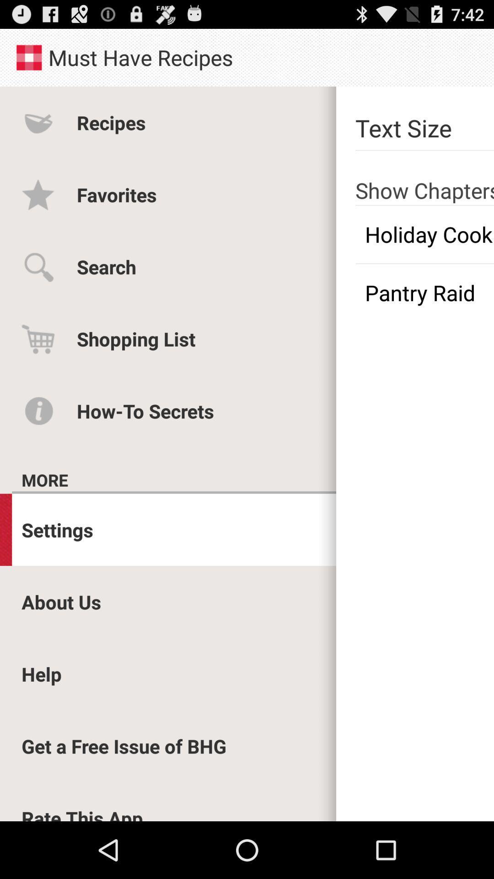 Image resolution: width=494 pixels, height=879 pixels. Describe the element at coordinates (424, 234) in the screenshot. I see `the icon to the right of the favorites` at that location.